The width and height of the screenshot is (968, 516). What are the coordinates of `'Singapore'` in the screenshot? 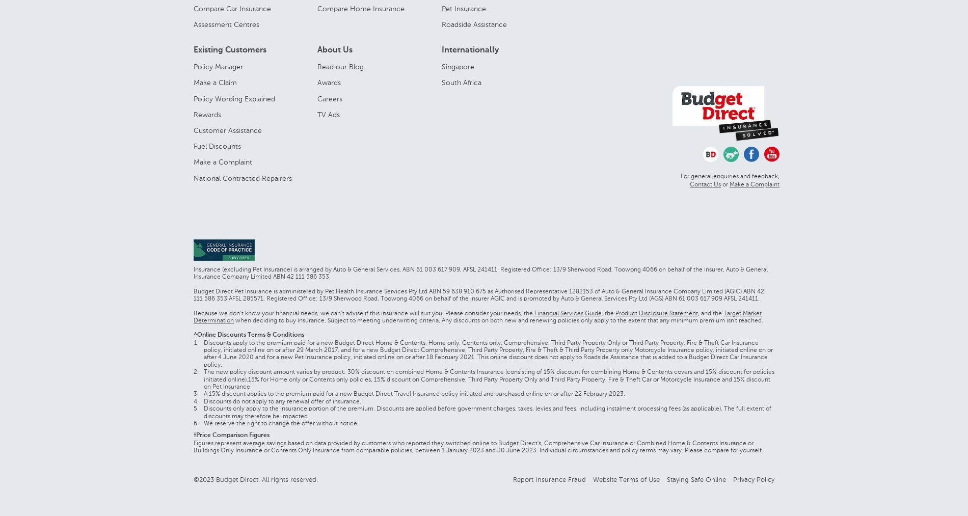 It's located at (456, 67).